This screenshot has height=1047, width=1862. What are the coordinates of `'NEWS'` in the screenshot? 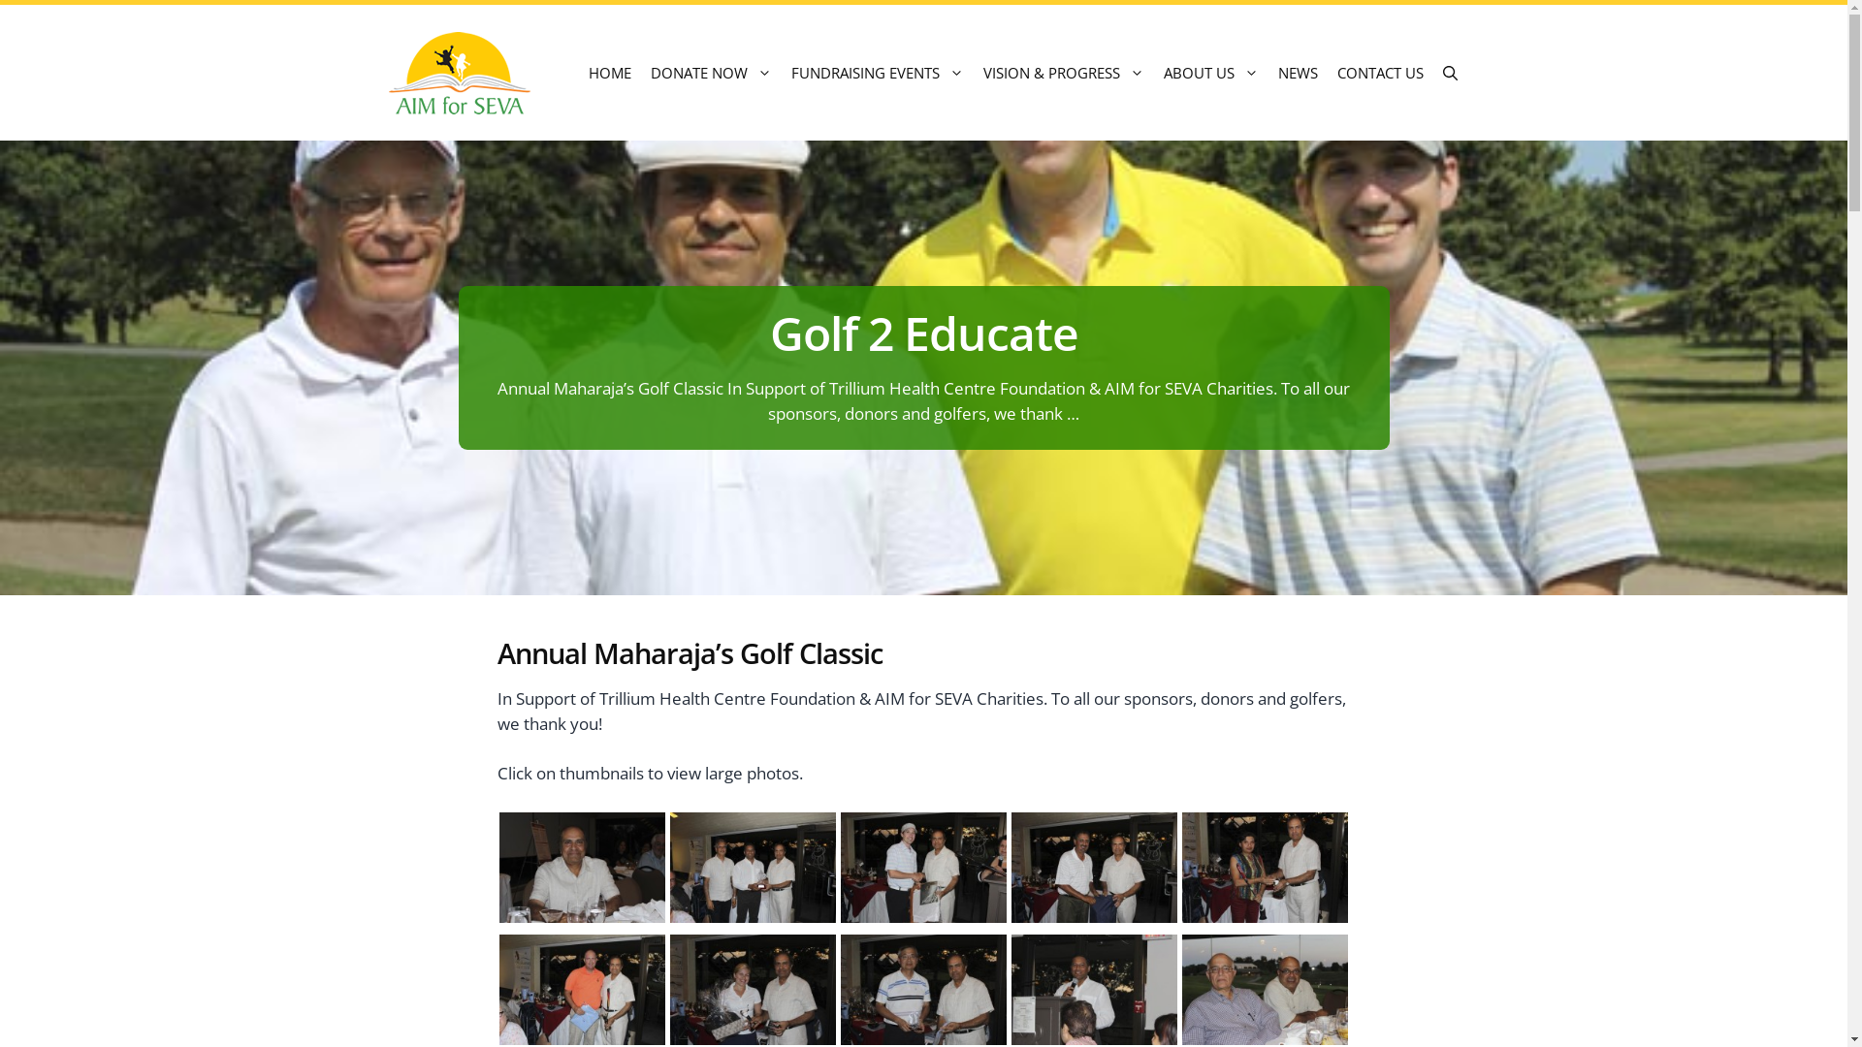 It's located at (1298, 71).